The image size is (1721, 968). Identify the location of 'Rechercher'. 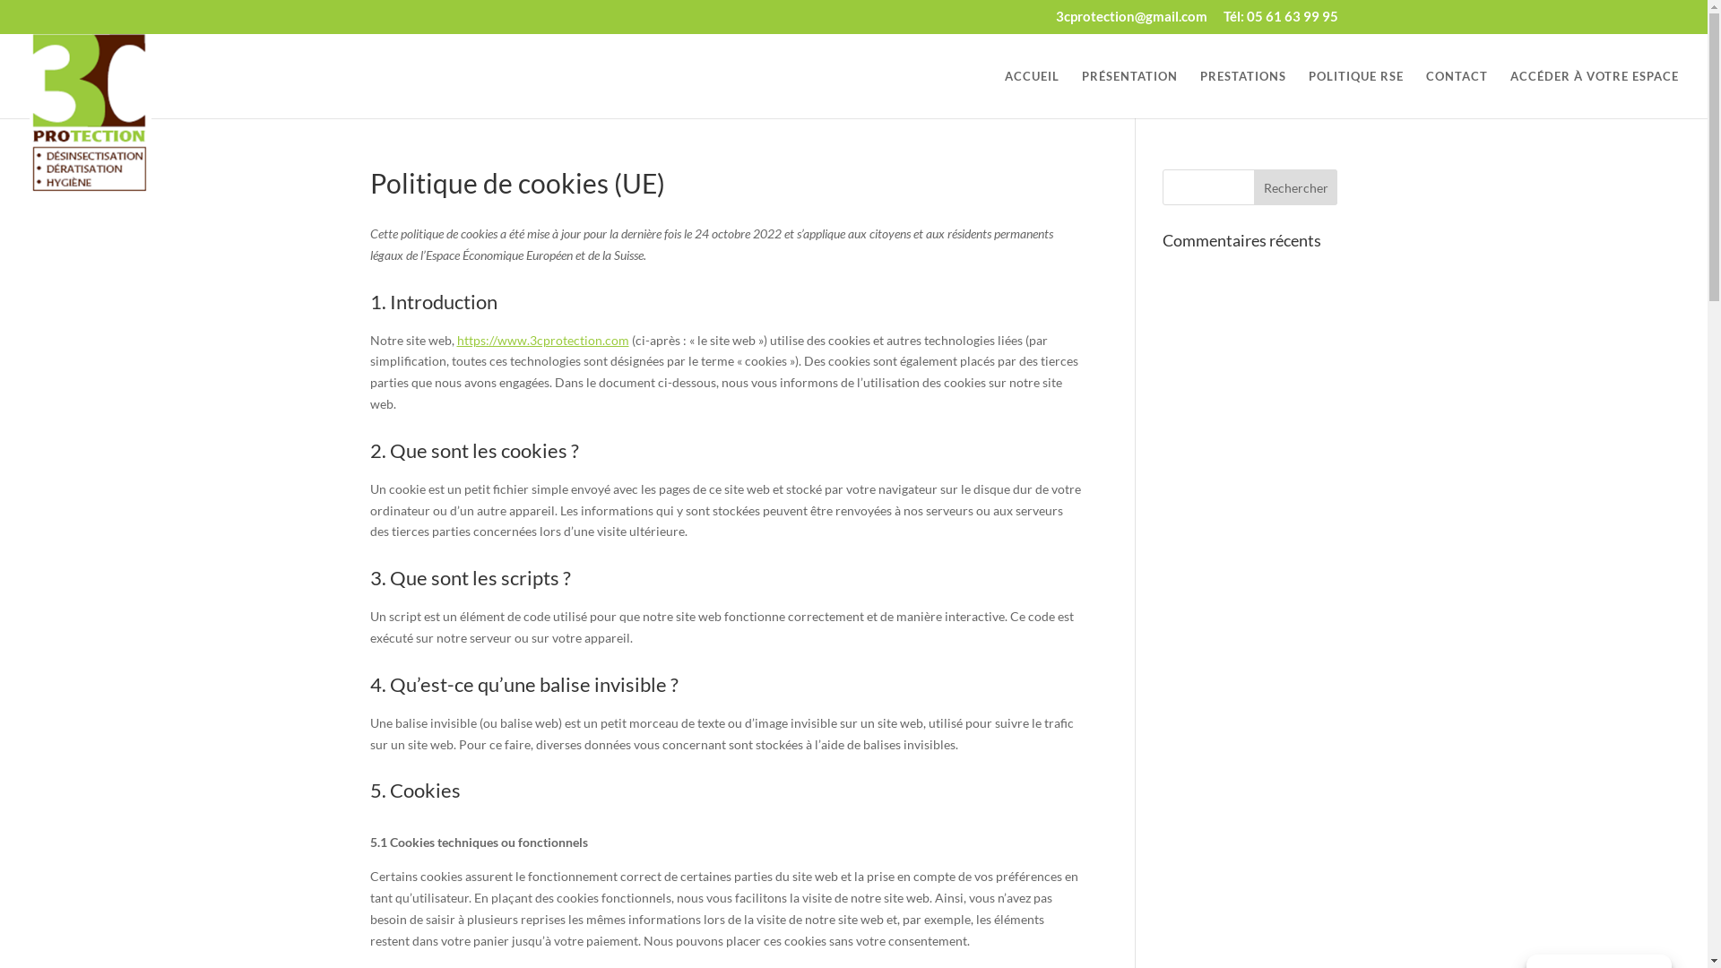
(1295, 186).